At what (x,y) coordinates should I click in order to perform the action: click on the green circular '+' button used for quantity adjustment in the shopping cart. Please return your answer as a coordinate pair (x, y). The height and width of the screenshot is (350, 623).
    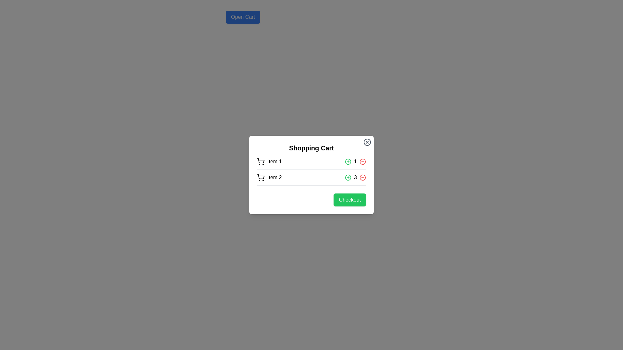
    Looking at the image, I should click on (348, 161).